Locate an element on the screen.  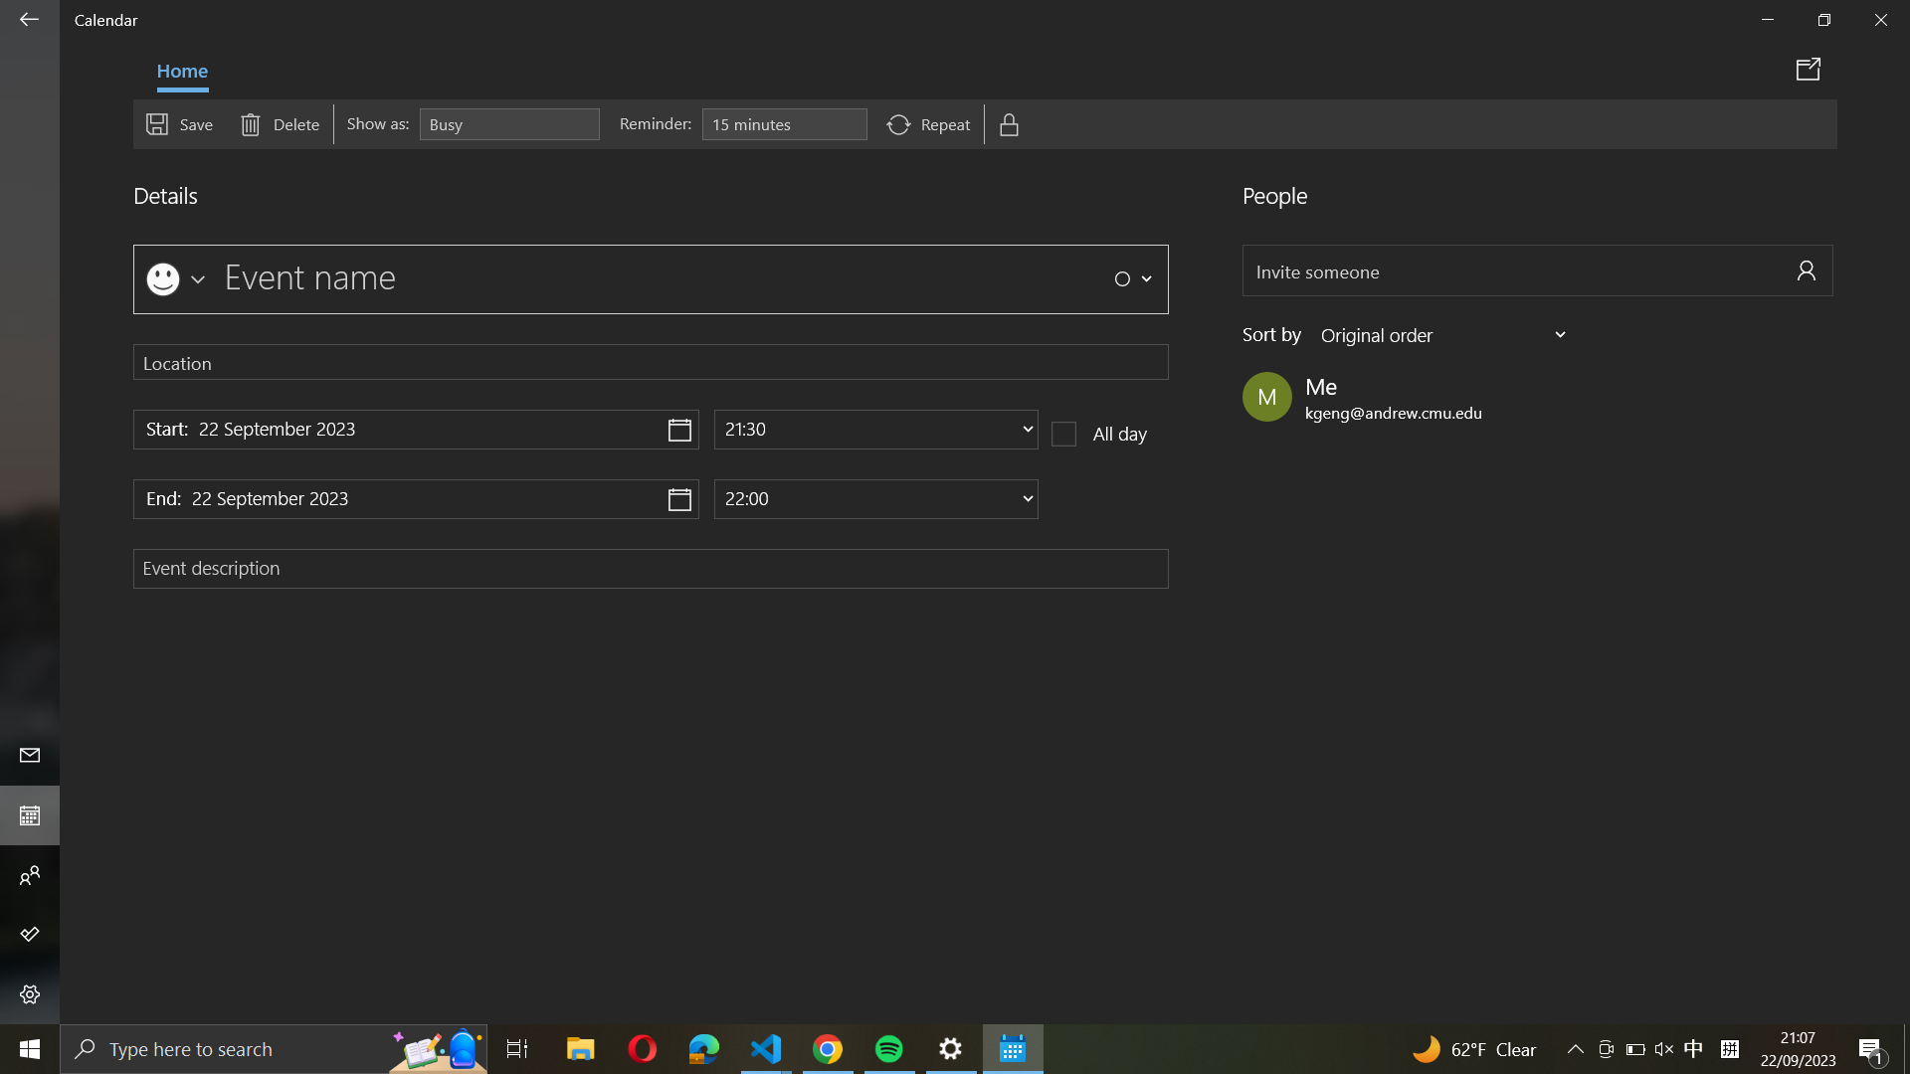
up an alarm for the event is located at coordinates (783, 124).